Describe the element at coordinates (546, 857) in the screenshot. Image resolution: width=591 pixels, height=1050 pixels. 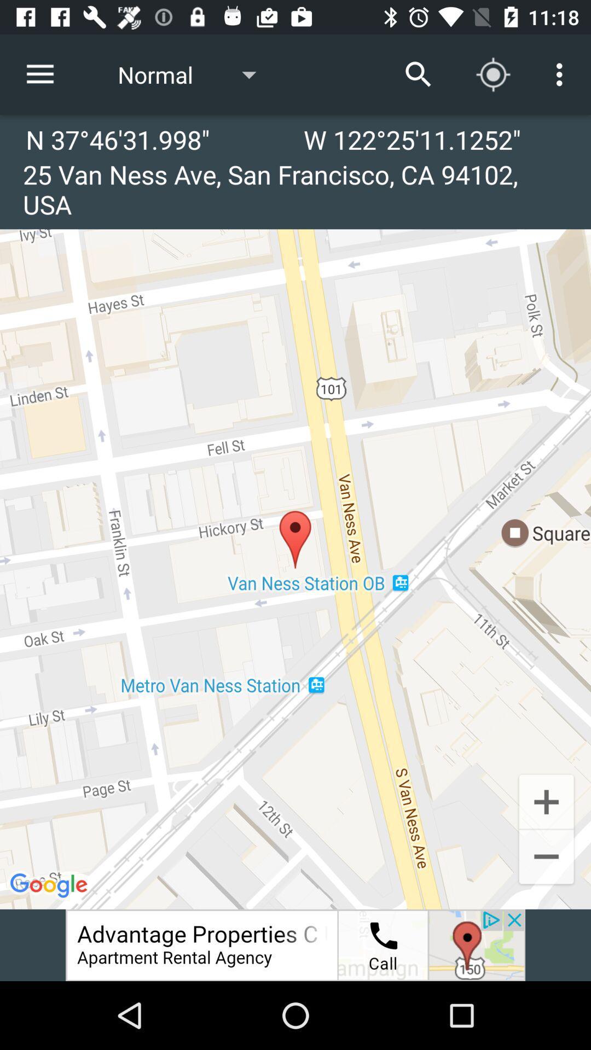
I see `the minus icon` at that location.